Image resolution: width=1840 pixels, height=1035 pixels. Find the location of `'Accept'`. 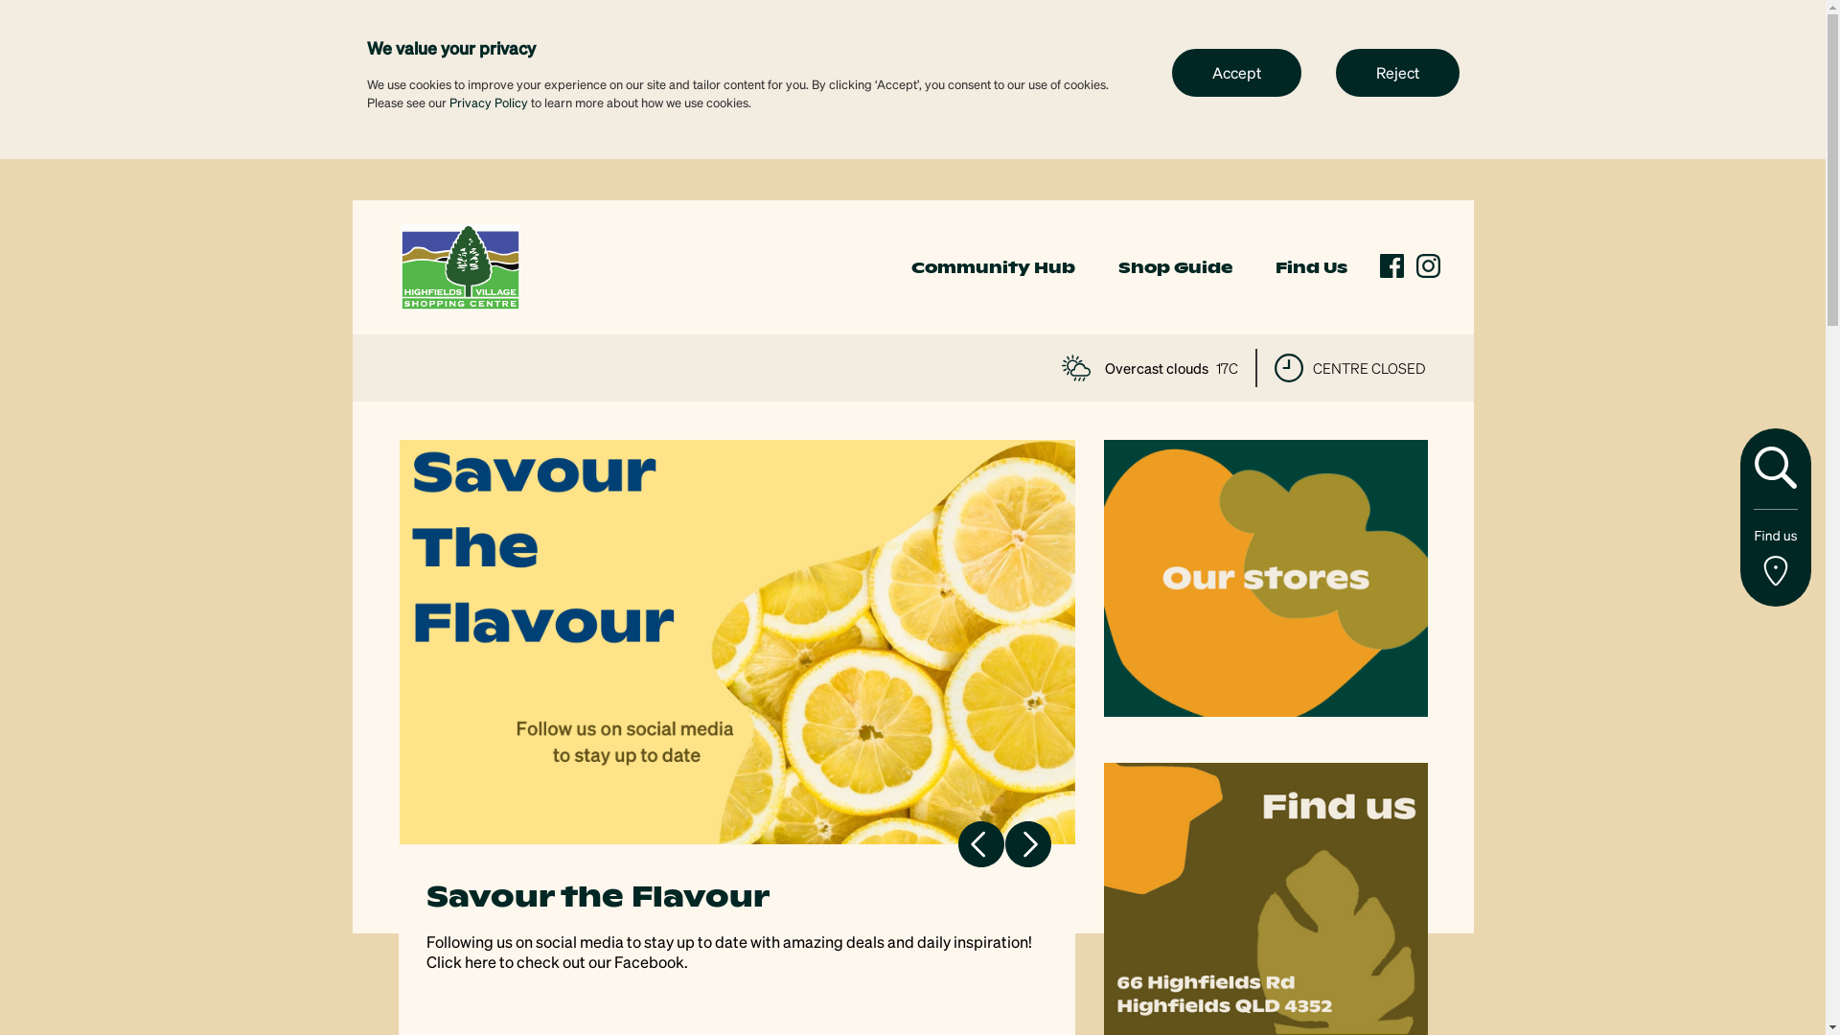

'Accept' is located at coordinates (1235, 70).